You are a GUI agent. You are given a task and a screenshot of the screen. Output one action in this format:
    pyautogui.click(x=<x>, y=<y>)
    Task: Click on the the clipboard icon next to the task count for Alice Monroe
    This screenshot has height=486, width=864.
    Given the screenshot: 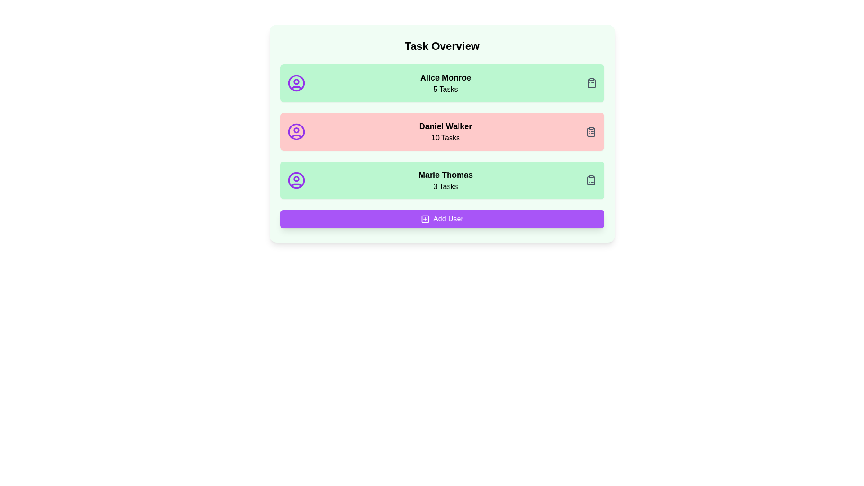 What is the action you would take?
    pyautogui.click(x=591, y=83)
    